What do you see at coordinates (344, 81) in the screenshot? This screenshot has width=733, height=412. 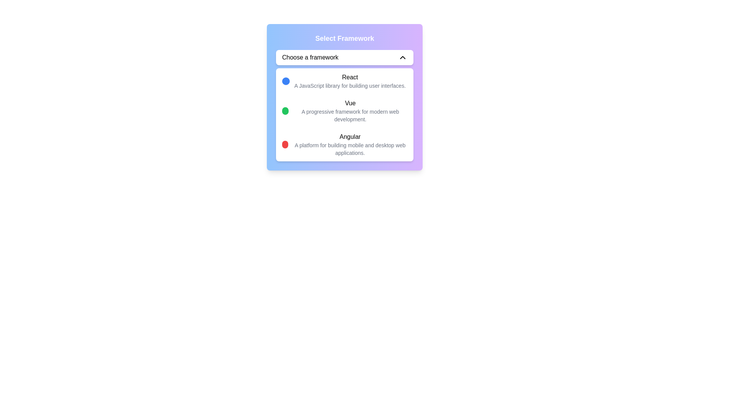 I see `the first list item in the dropdown menu labeled 'Choose a framework'` at bounding box center [344, 81].